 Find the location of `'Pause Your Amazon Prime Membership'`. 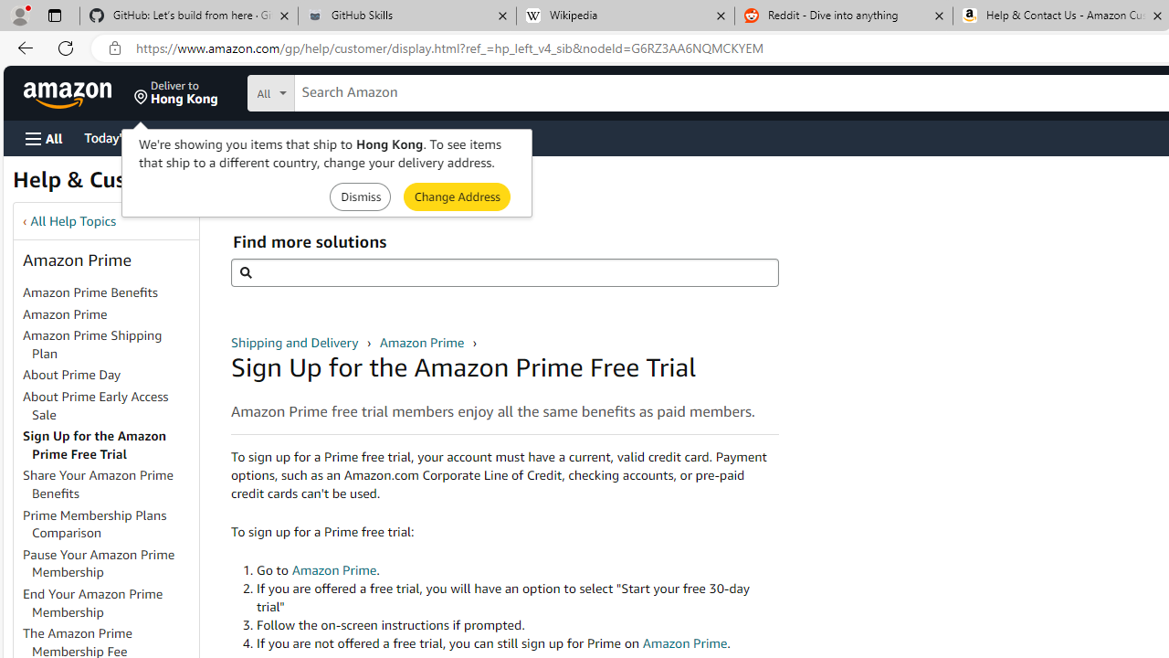

'Pause Your Amazon Prime Membership' is located at coordinates (109, 563).